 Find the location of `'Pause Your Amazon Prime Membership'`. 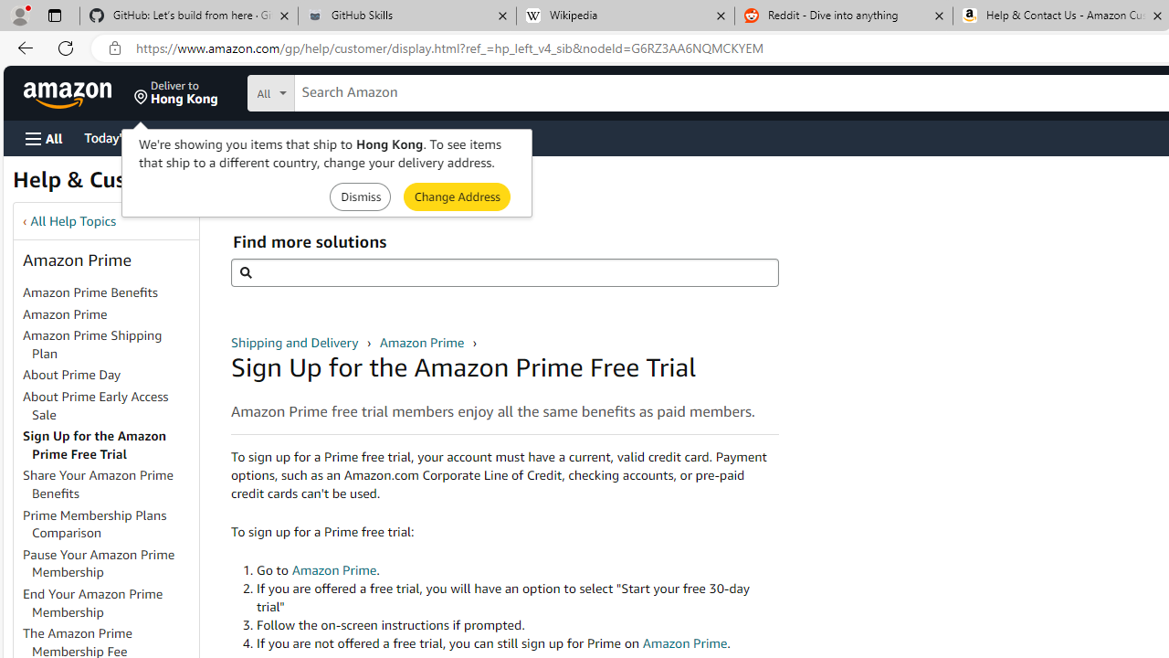

'Pause Your Amazon Prime Membership' is located at coordinates (109, 563).